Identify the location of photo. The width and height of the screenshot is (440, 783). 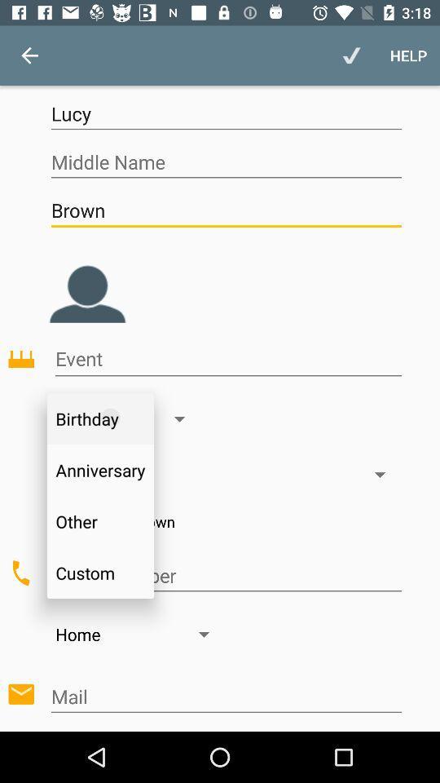
(87, 281).